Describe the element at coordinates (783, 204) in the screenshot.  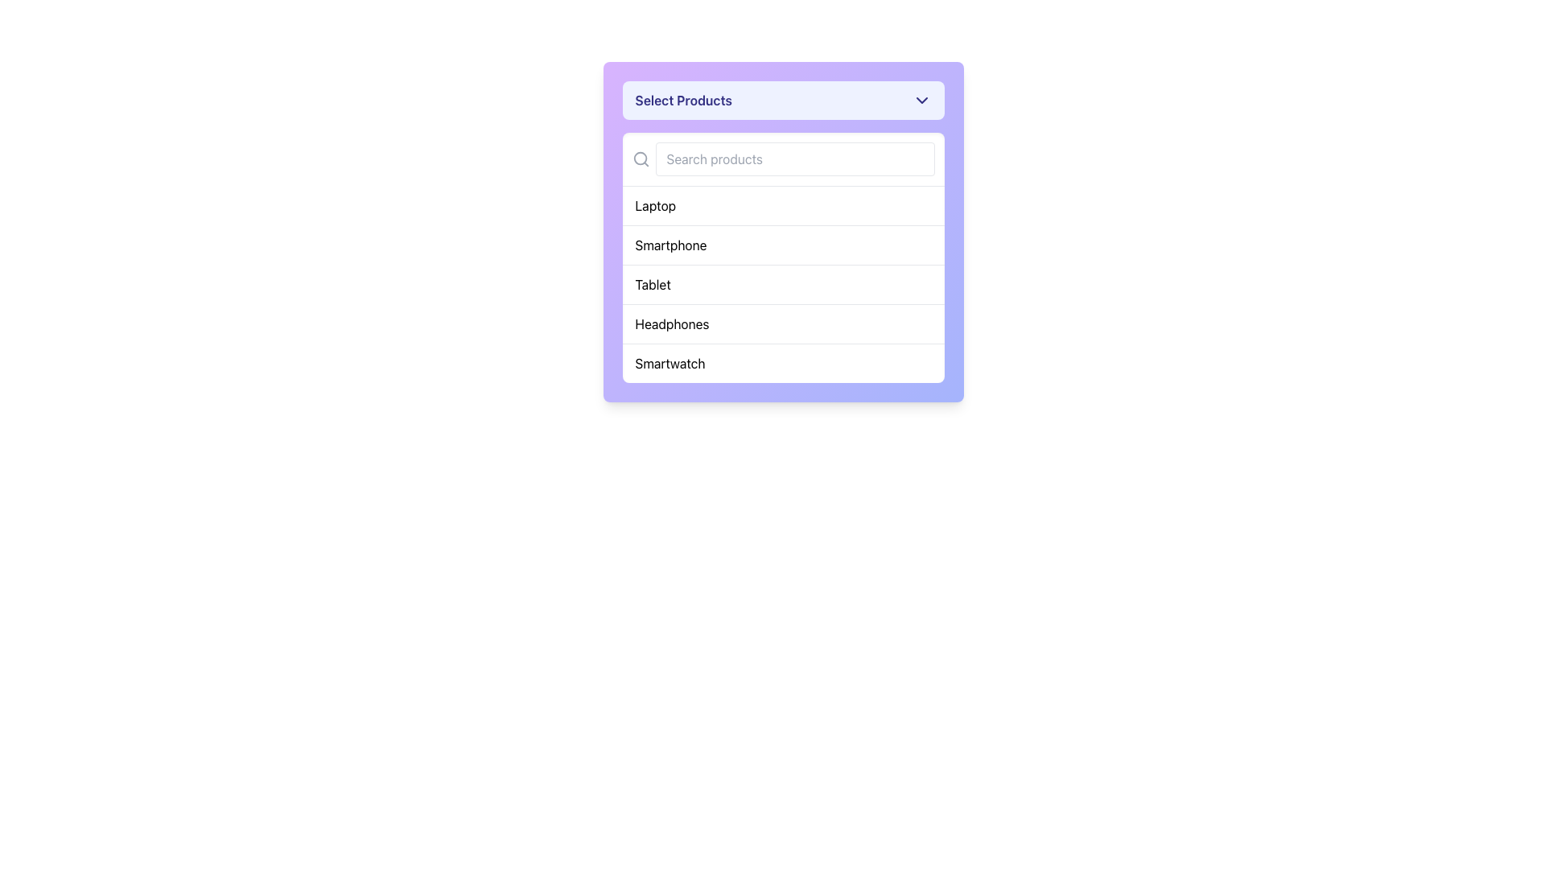
I see `the topmost list item displaying the word 'Laptop' in the product categories menu` at that location.